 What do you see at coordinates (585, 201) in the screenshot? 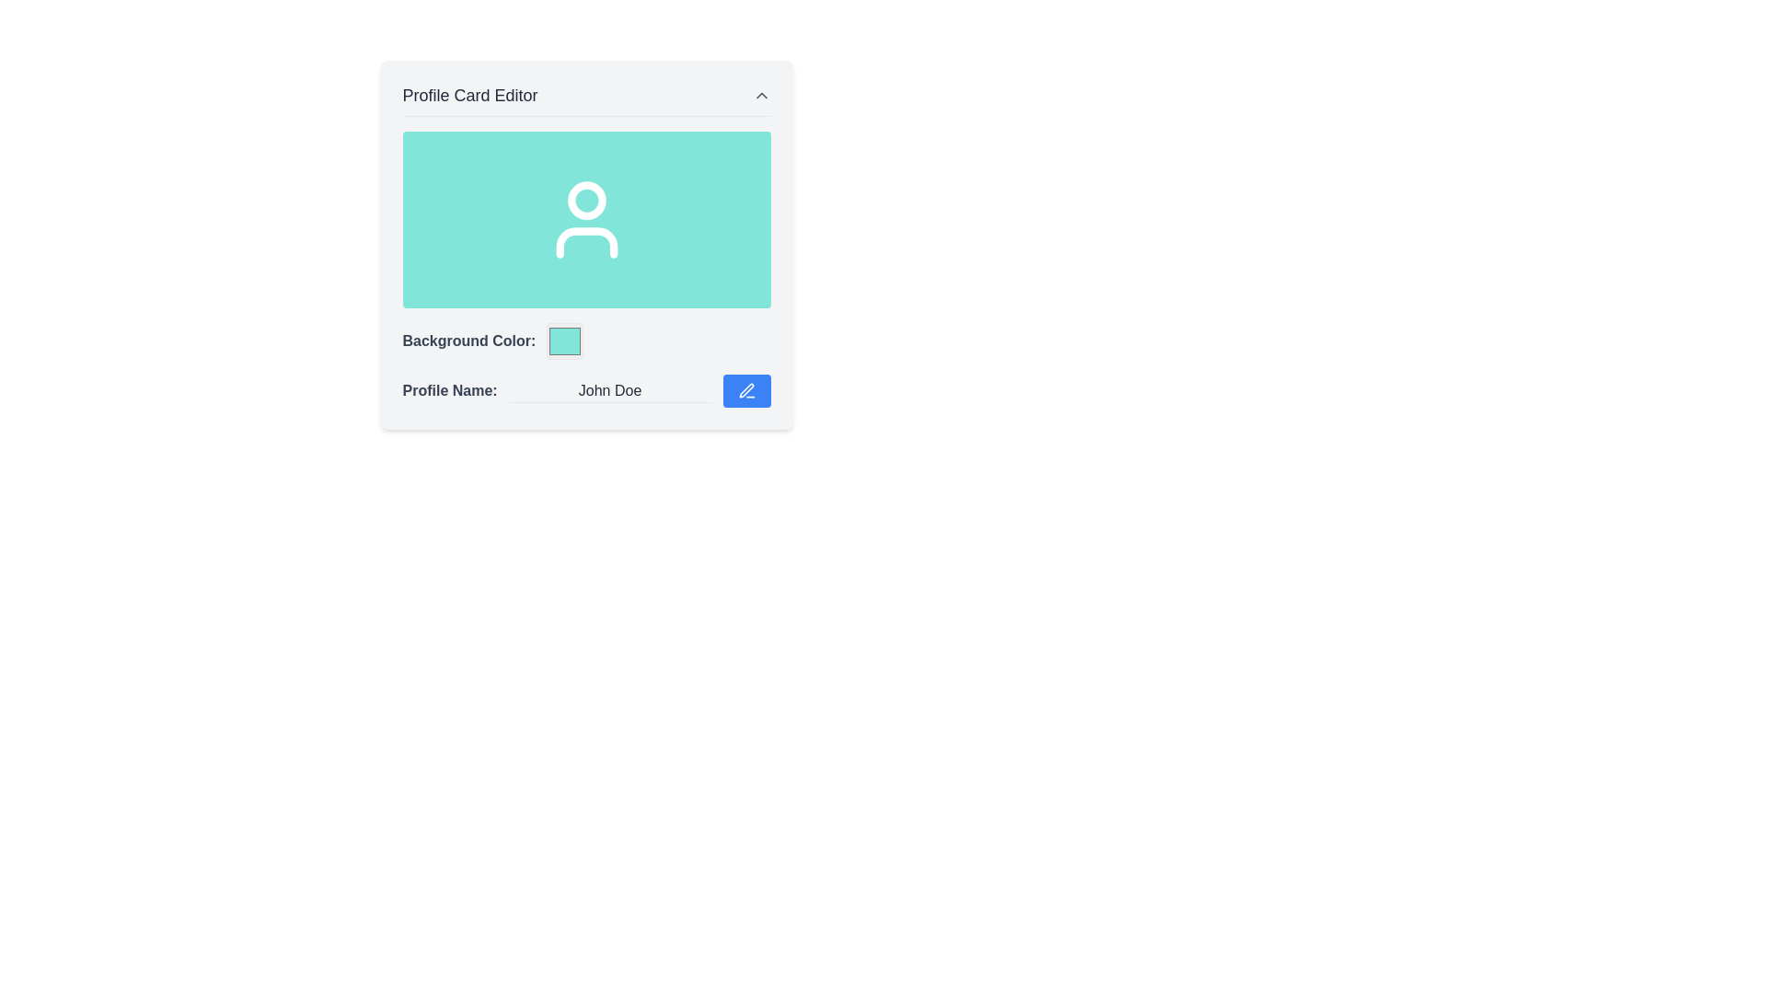
I see `the circular graphical element that represents the head of a user icon, which is centered in the profile card editor interface against a teal background` at bounding box center [585, 201].